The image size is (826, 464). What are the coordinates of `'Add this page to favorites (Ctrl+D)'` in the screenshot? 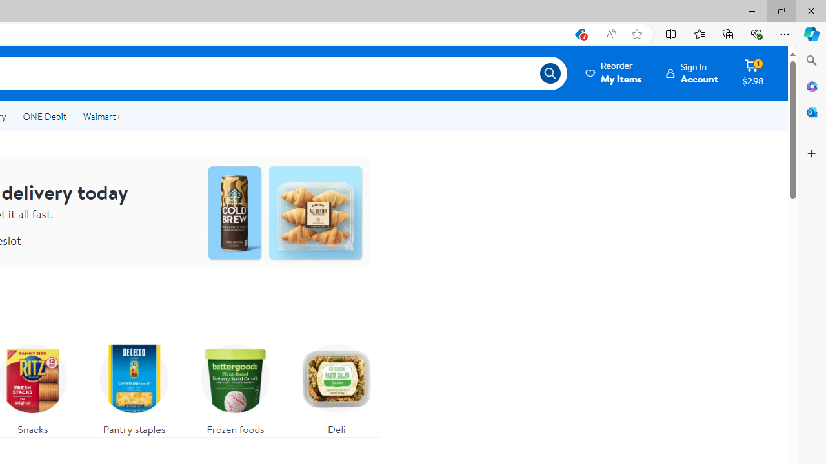 It's located at (636, 34).